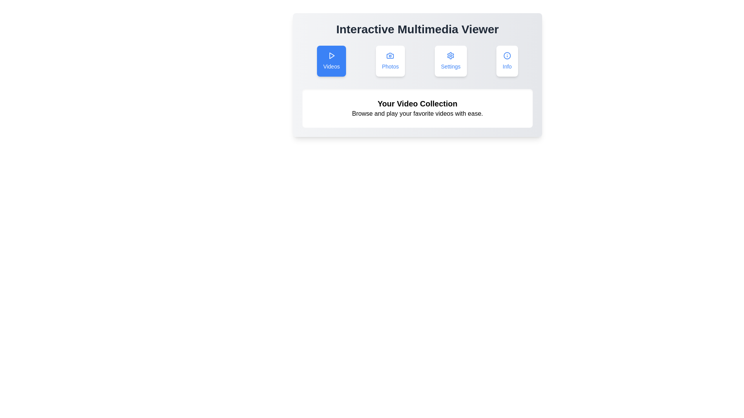  I want to click on the label that provides a textual representation for the 'Photos' option, located below the camera icon and to the right of the 'Videos' option, so click(390, 66).